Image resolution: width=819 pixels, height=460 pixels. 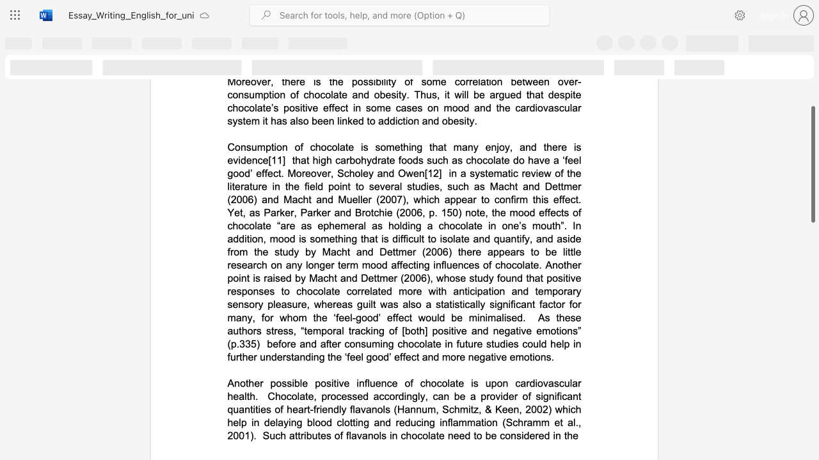 What do you see at coordinates (812, 164) in the screenshot?
I see `the scrollbar and move down 910 pixels` at bounding box center [812, 164].